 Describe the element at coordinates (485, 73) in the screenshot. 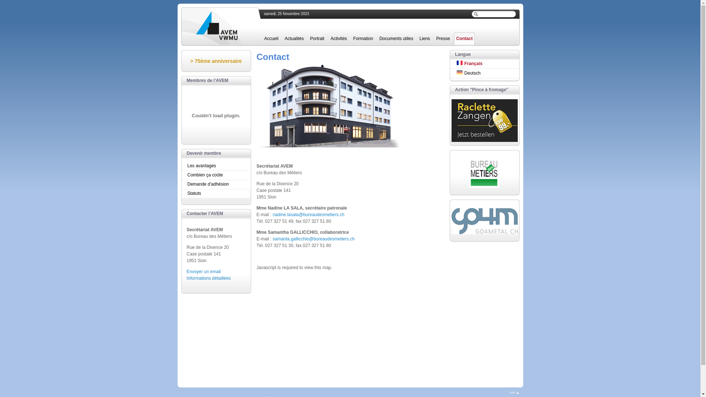

I see `'Deutsch'` at that location.